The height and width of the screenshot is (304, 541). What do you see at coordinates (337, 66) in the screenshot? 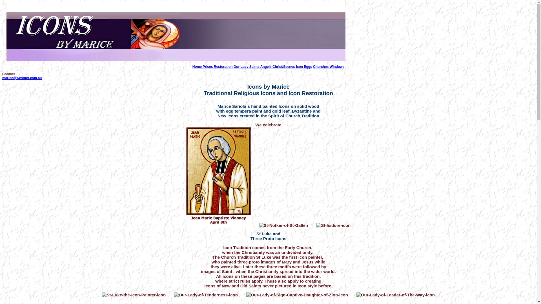
I see `'Windows'` at bounding box center [337, 66].